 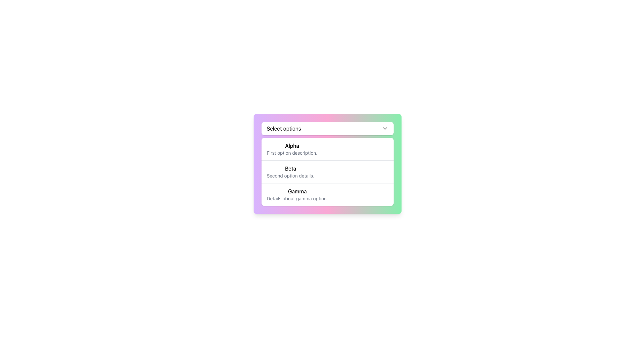 I want to click on the middle selectable menu option labeled 'Beta', so click(x=328, y=164).